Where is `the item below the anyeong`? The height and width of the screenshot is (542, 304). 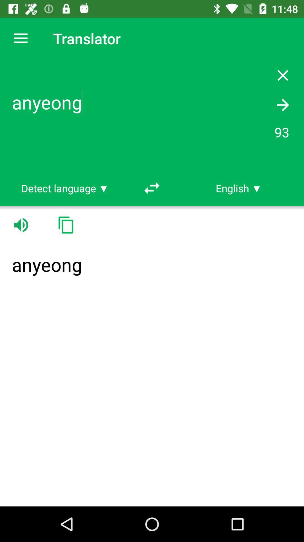
the item below the anyeong is located at coordinates (239, 188).